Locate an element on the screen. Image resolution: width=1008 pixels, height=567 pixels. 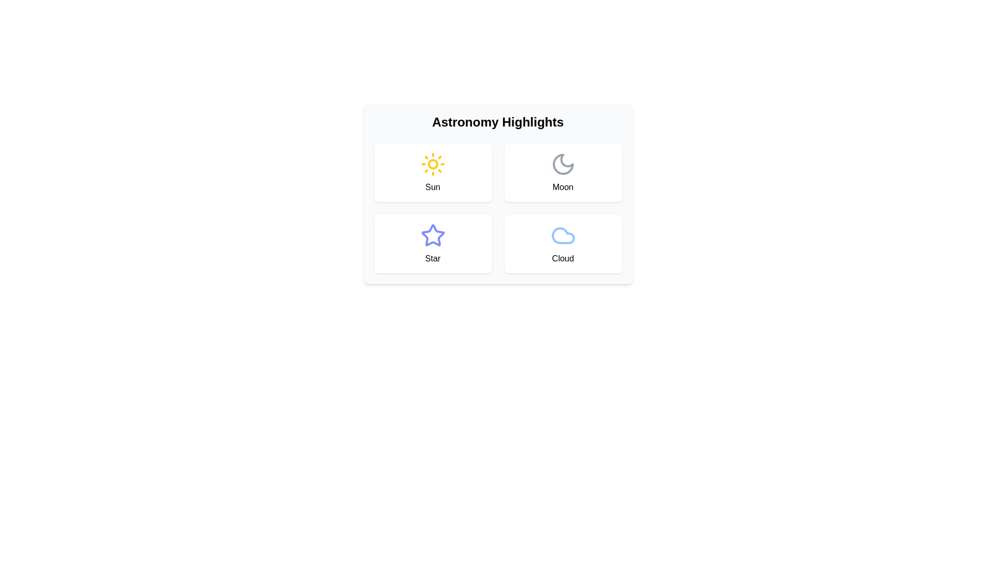
the moon icon in the top-right cell of the grid is located at coordinates (562, 164).